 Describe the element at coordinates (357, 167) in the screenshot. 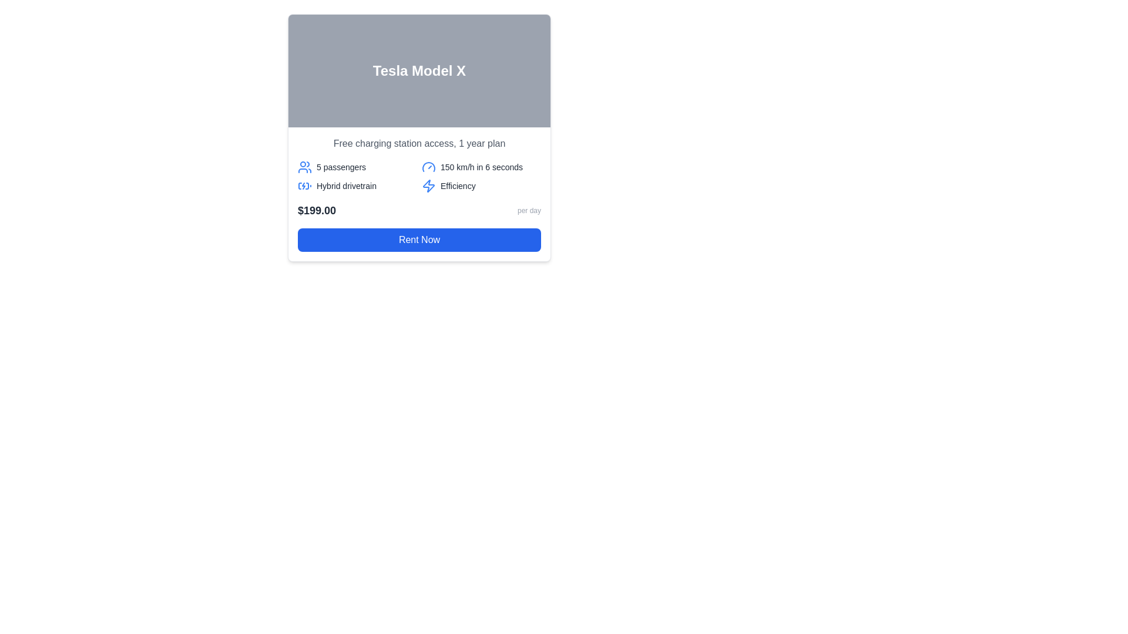

I see `the icon associated with the text element displaying the vehicle's passenger capacity, located directly below the 'Free charging station access, 1 year plan' label` at that location.